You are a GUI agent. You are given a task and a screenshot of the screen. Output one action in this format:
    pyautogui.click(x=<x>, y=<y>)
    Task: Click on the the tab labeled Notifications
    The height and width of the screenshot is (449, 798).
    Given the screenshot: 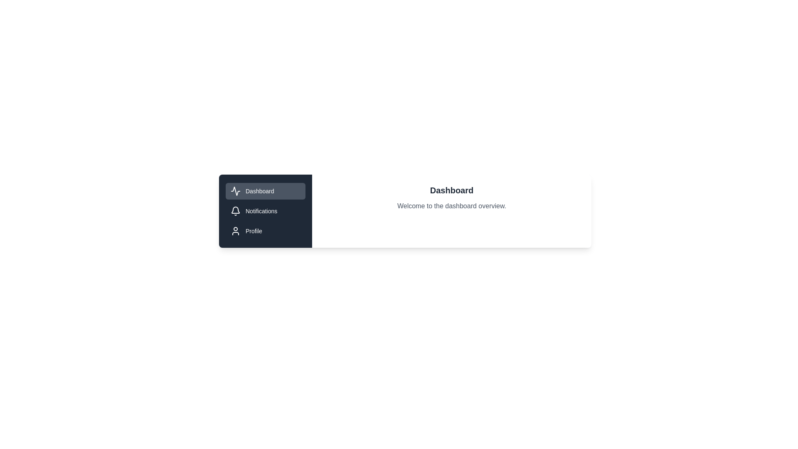 What is the action you would take?
    pyautogui.click(x=265, y=211)
    